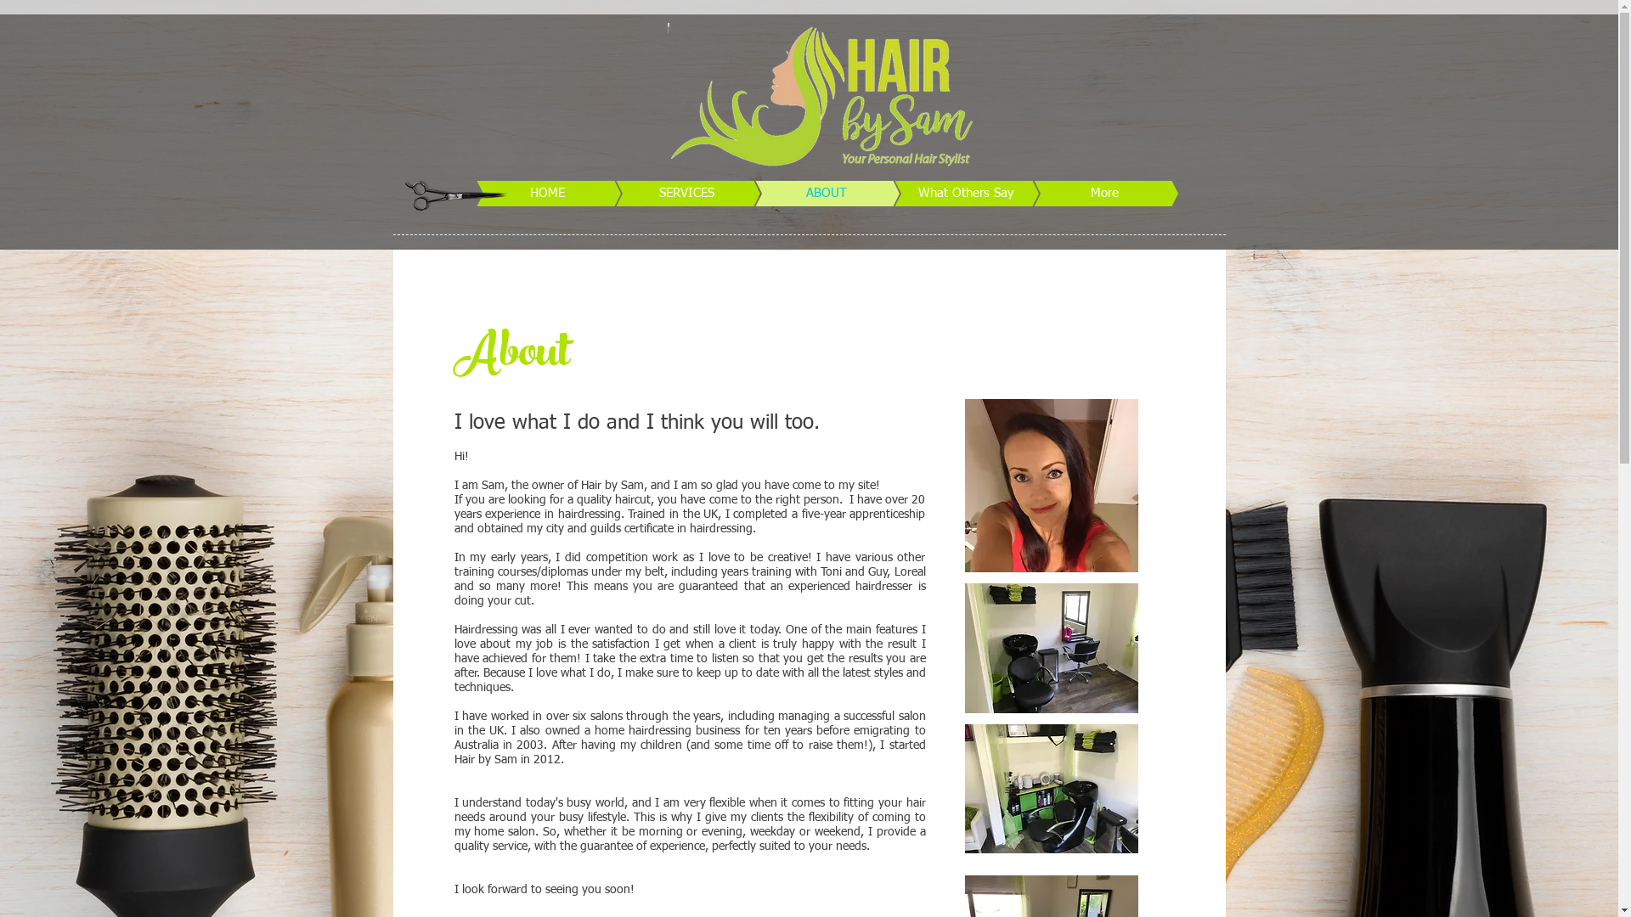  Describe the element at coordinates (659, 192) in the screenshot. I see `'SERVICES'` at that location.